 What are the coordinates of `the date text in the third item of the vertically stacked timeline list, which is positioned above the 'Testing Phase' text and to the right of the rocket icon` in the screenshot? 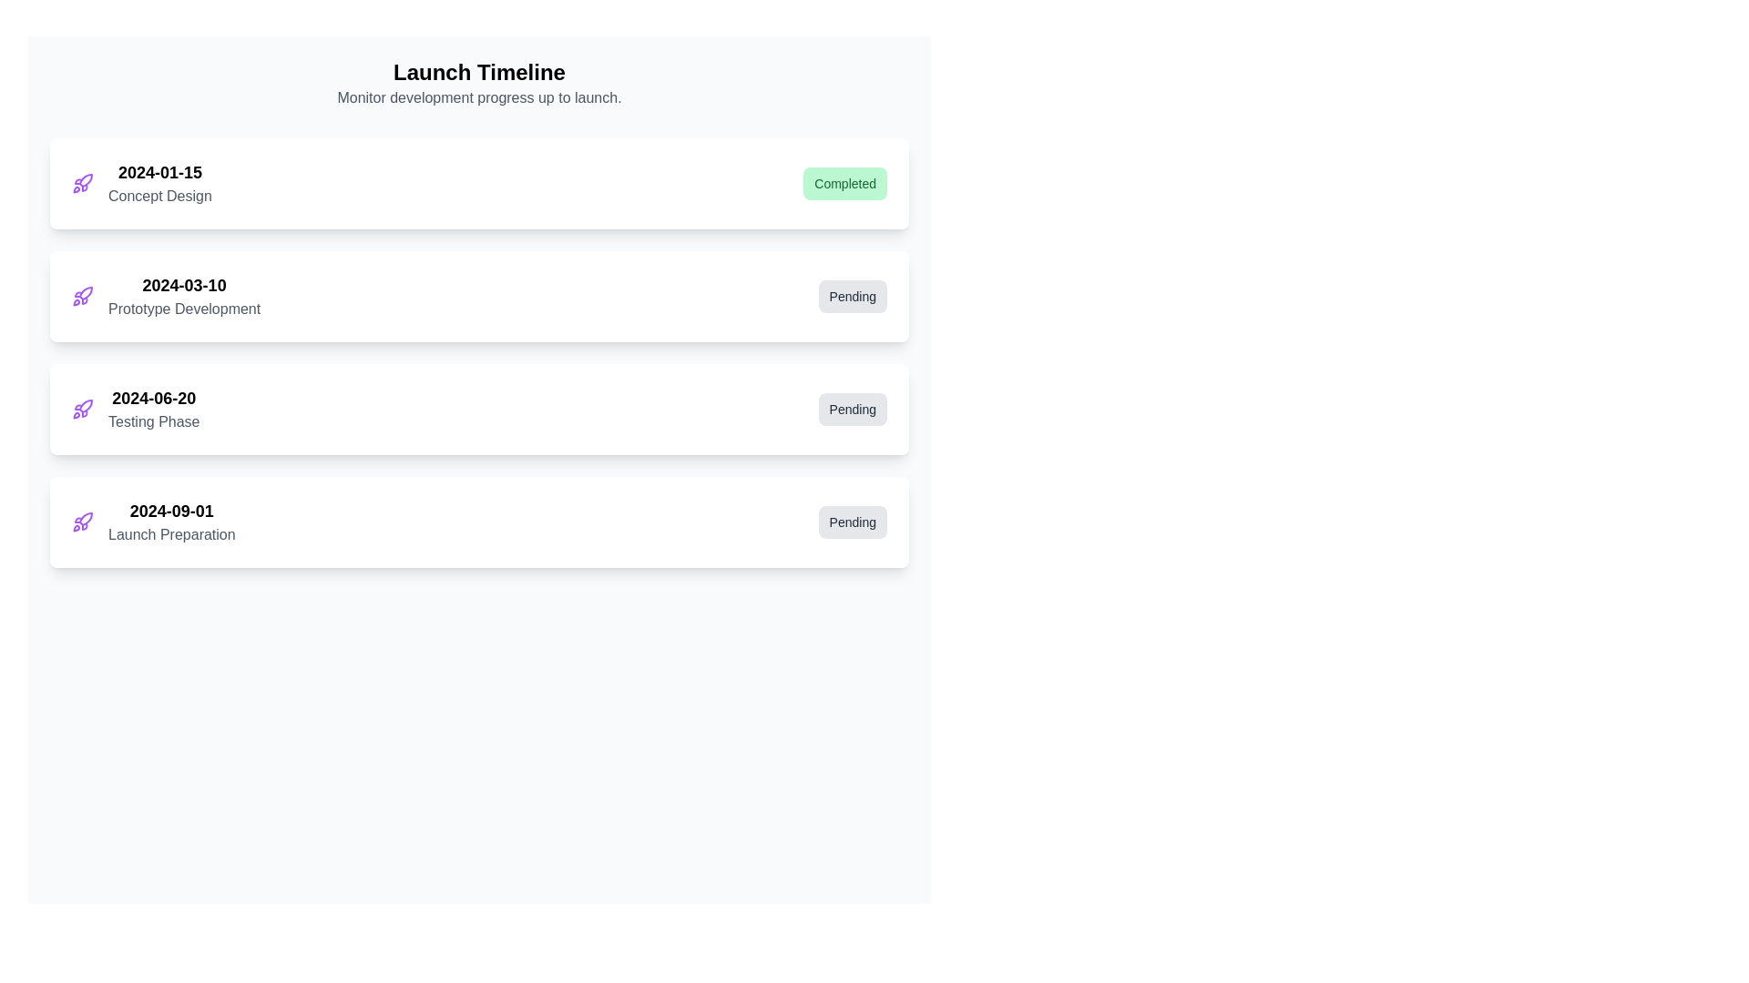 It's located at (154, 398).